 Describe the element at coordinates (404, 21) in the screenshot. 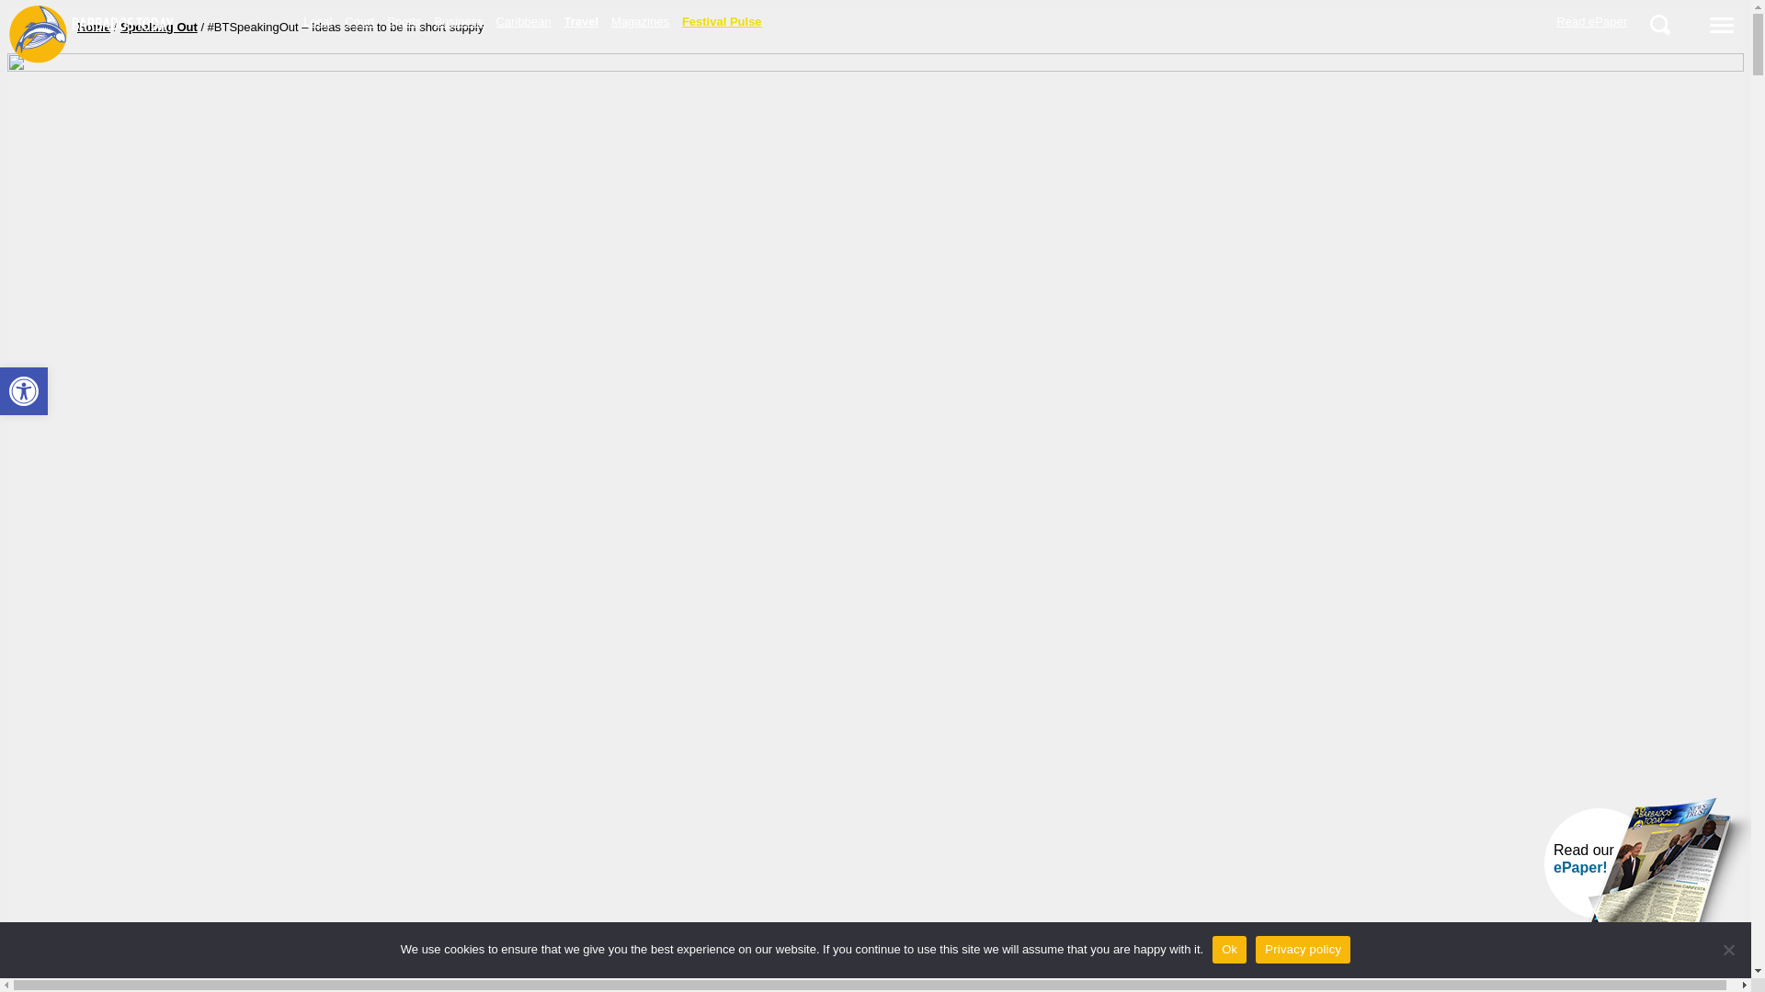

I see `'Sports'` at that location.